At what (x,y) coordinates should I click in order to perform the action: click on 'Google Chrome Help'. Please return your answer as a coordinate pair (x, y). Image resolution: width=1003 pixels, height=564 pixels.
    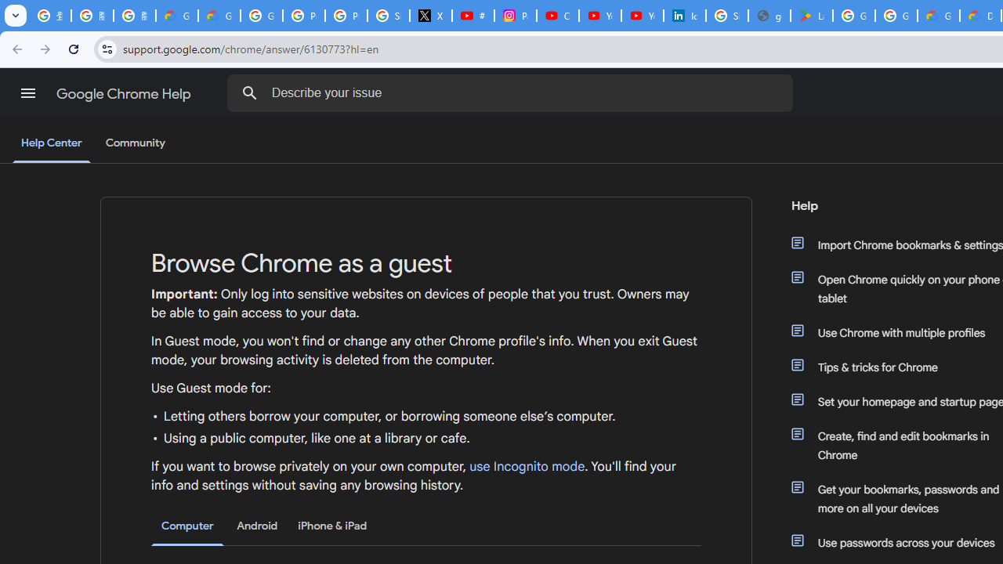
    Looking at the image, I should click on (125, 93).